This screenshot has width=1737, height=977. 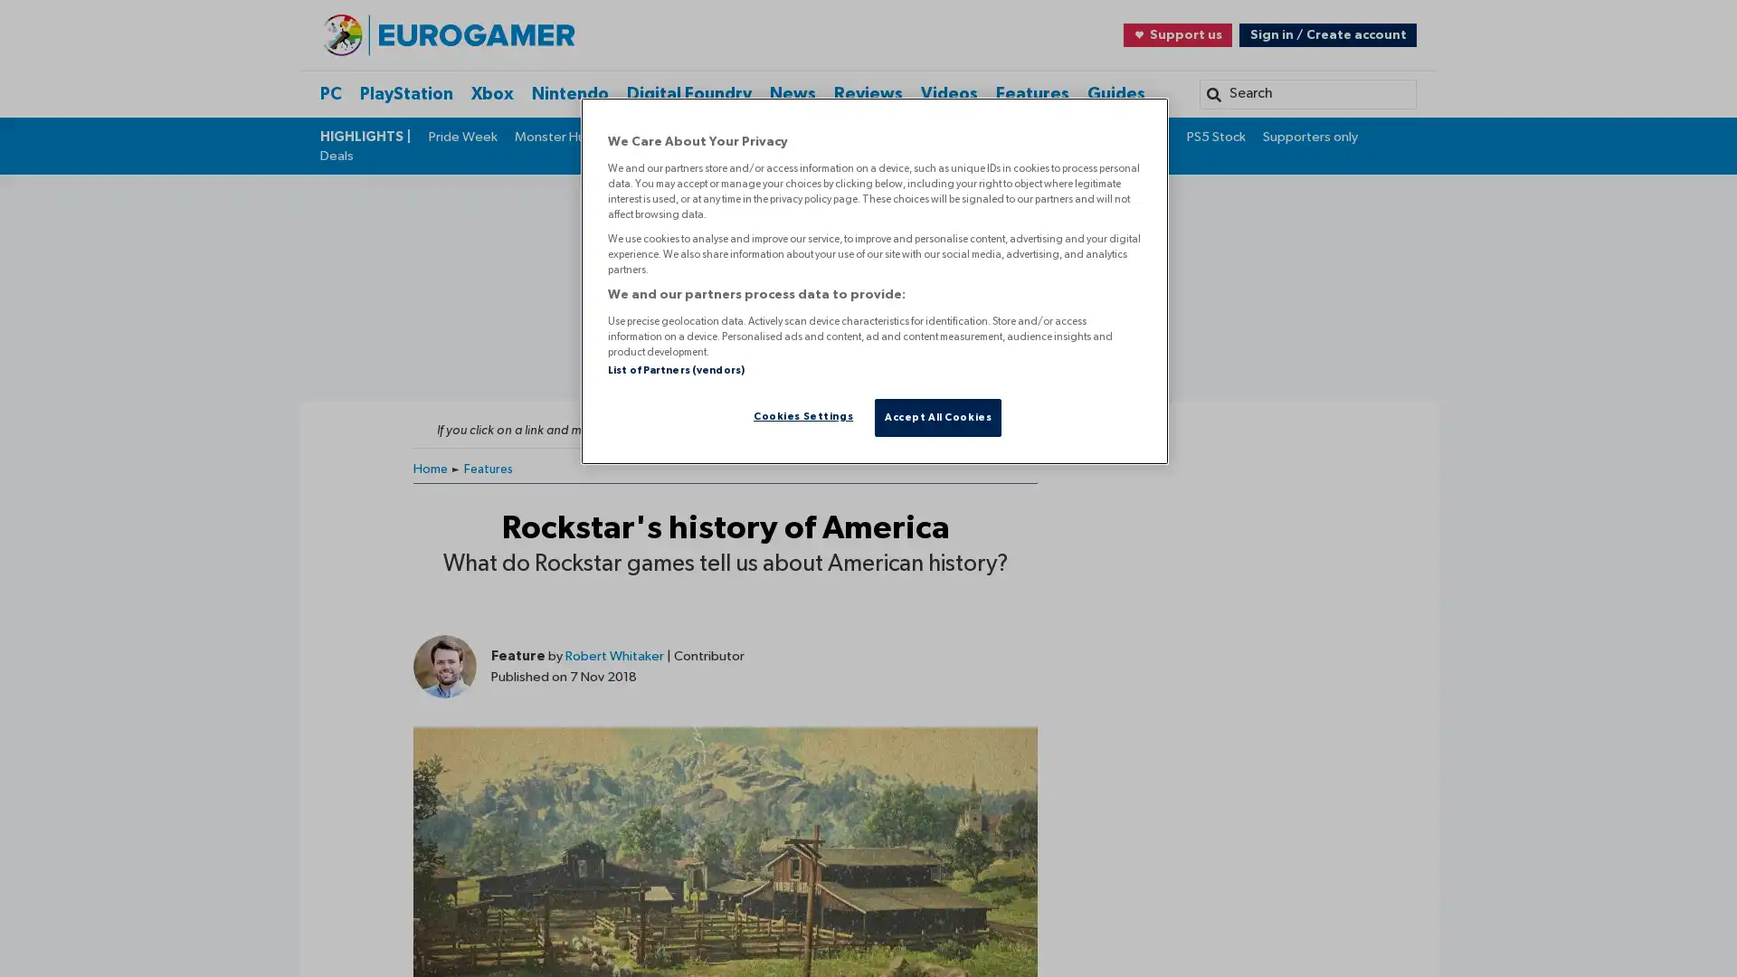 I want to click on Cookies Settings, so click(x=802, y=415).